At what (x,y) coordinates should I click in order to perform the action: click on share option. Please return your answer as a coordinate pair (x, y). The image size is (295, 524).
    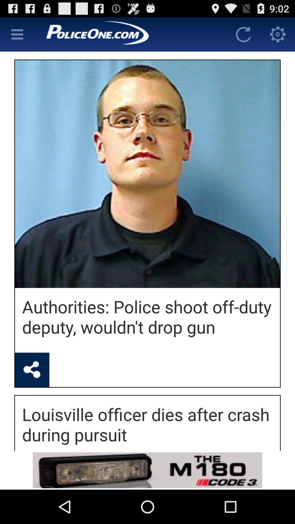
    Looking at the image, I should click on (32, 370).